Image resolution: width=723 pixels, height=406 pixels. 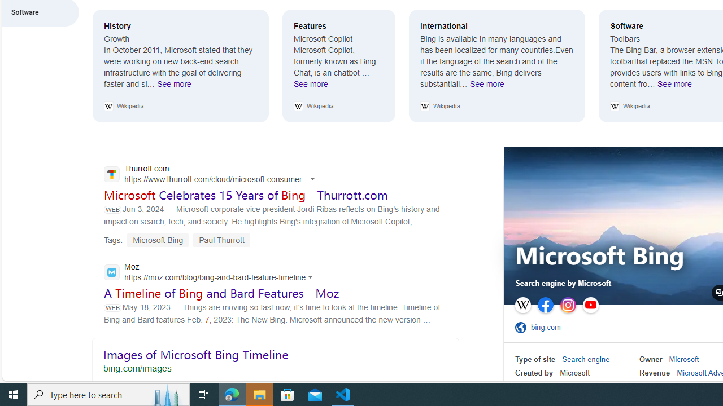 What do you see at coordinates (568, 305) in the screenshot?
I see `'Instagram'` at bounding box center [568, 305].